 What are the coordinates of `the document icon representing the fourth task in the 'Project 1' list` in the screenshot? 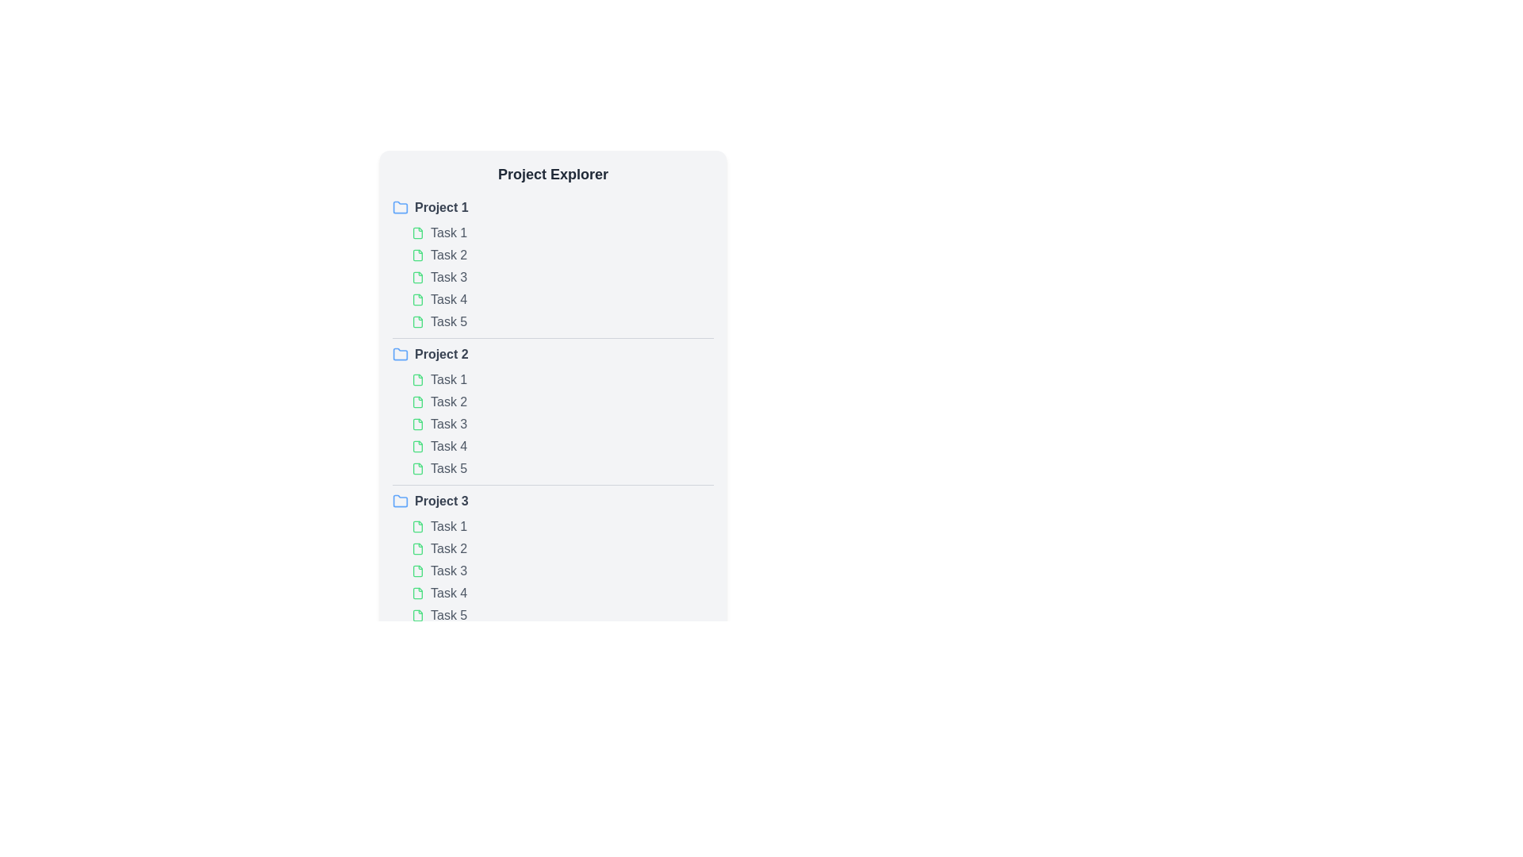 It's located at (418, 300).